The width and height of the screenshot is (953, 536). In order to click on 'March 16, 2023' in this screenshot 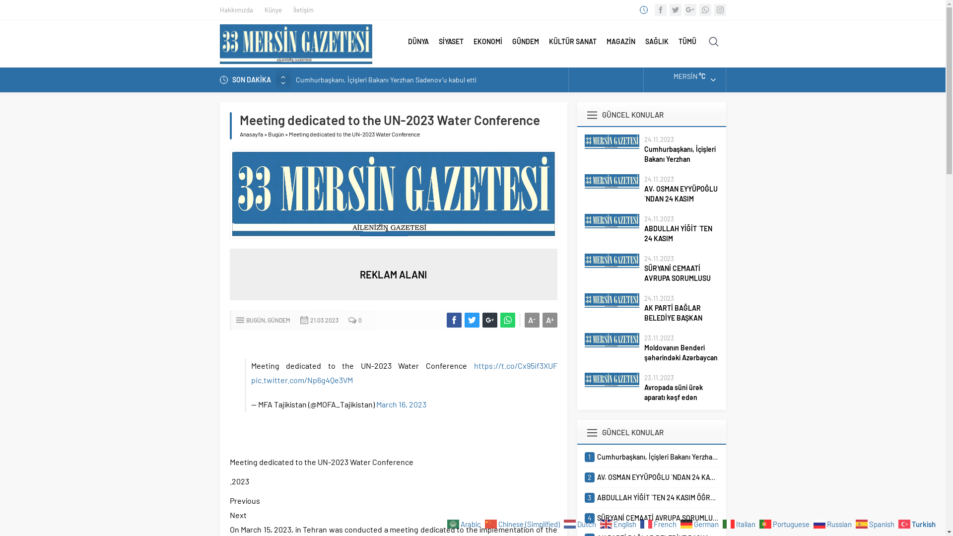, I will do `click(401, 404)`.